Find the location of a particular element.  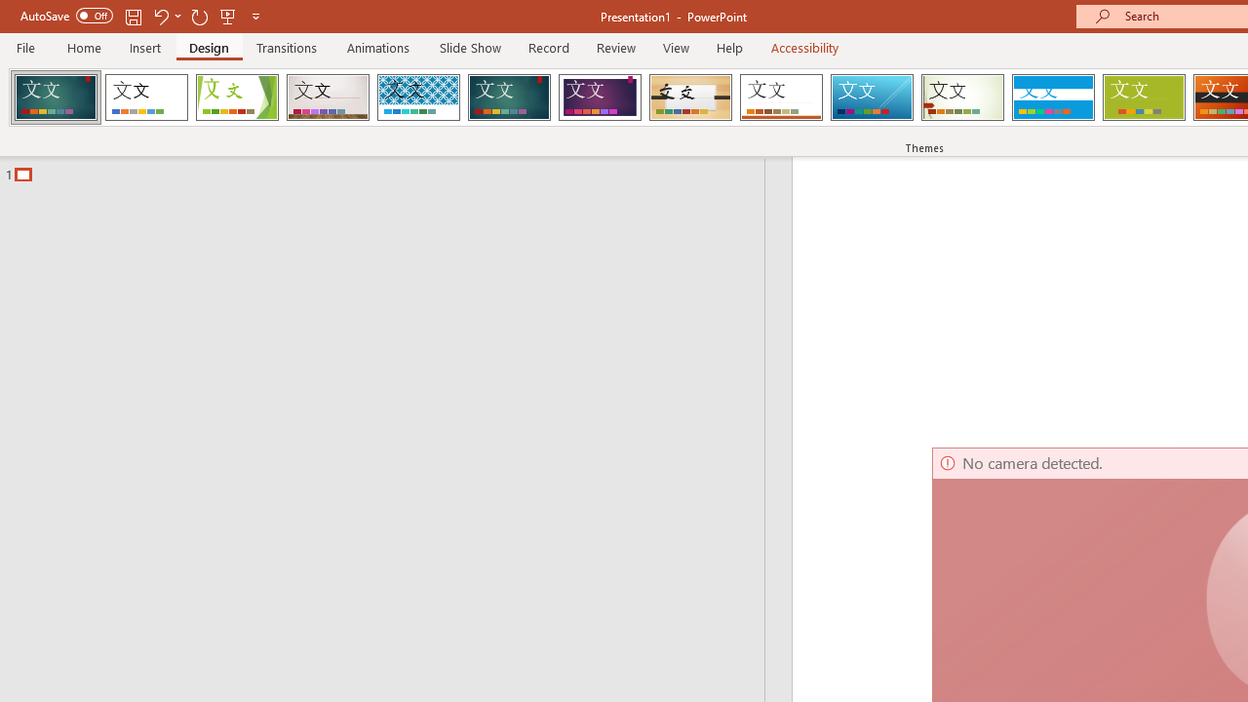

'Slice' is located at coordinates (871, 97).